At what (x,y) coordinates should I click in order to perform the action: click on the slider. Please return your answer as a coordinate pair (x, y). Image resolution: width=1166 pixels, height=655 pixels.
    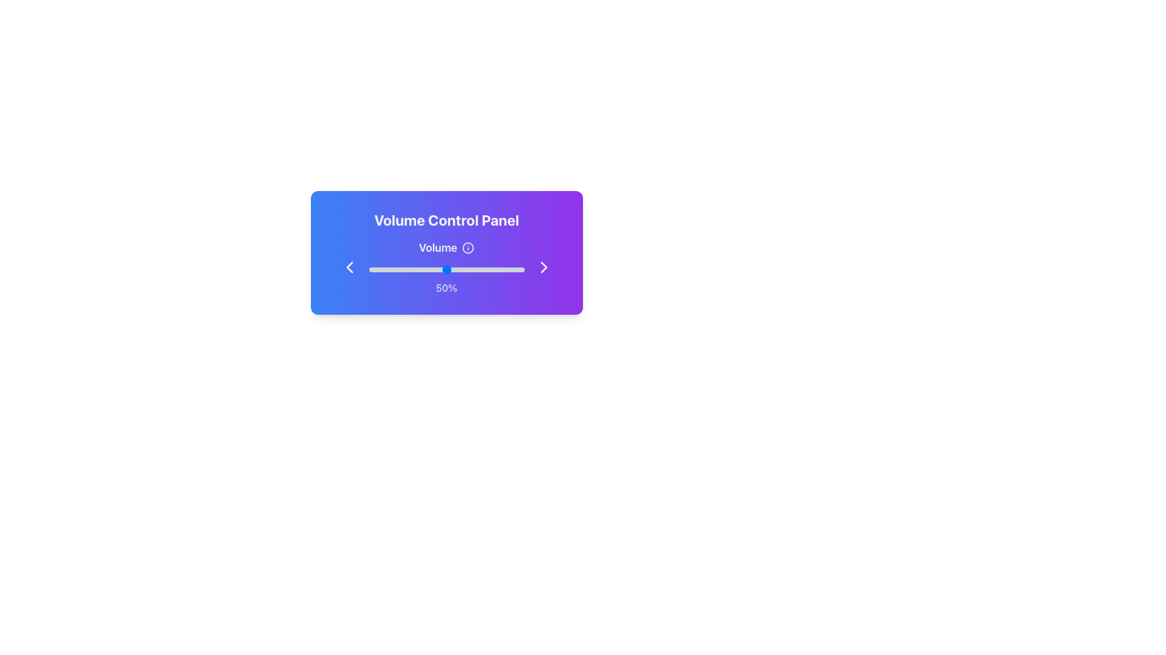
    Looking at the image, I should click on (395, 269).